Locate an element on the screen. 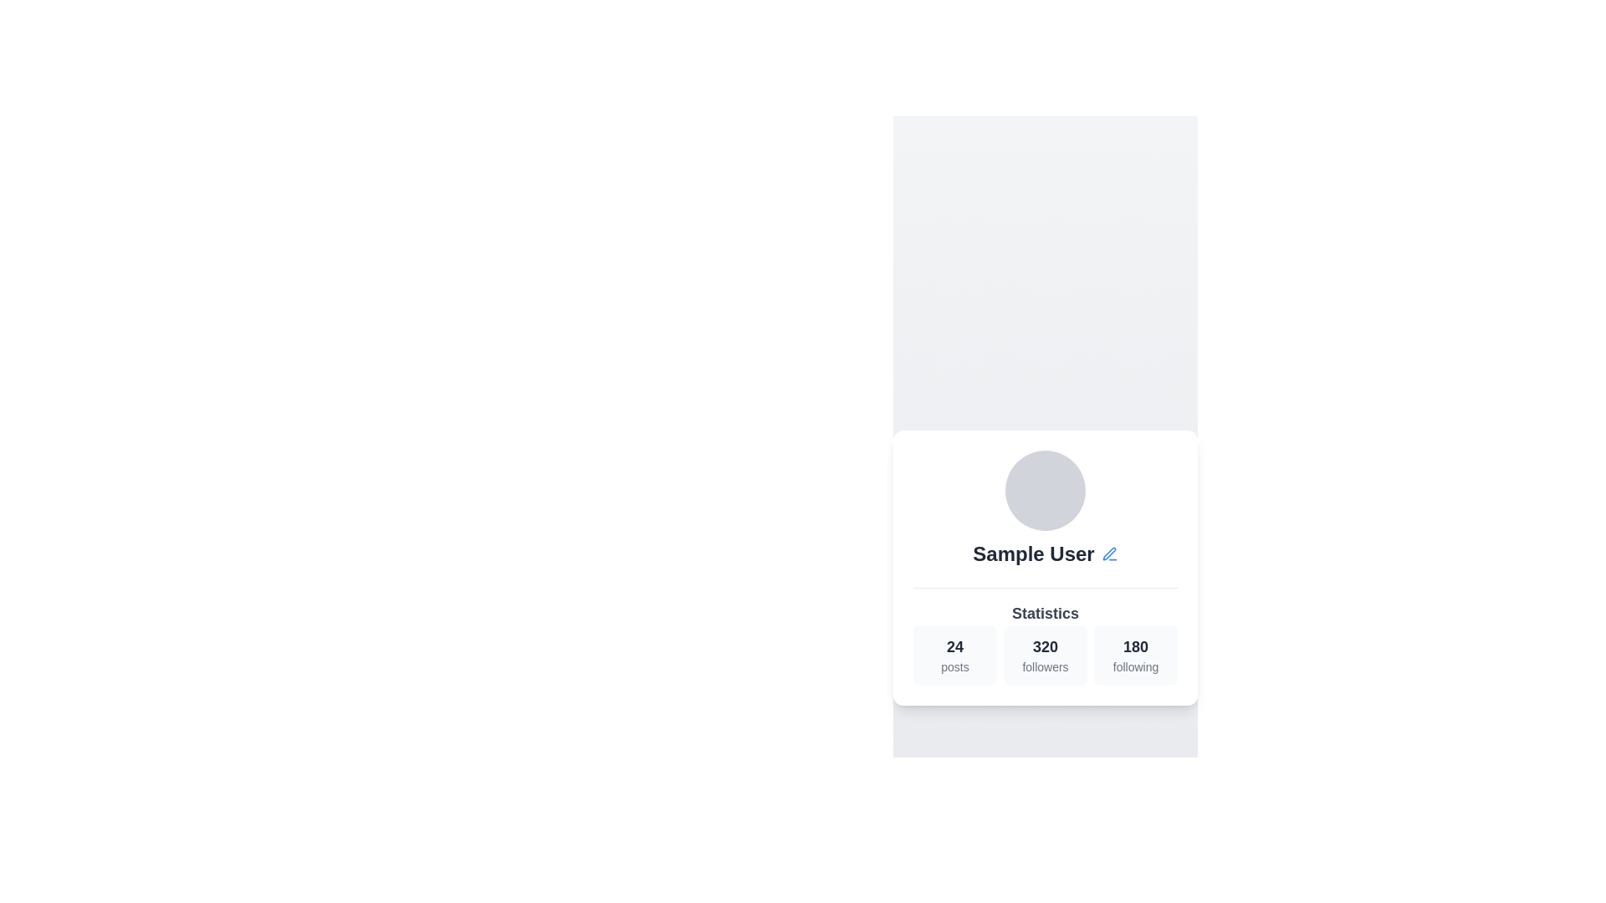 The height and width of the screenshot is (903, 1606). the static text label displaying 'followers', which is centrally aligned below the bold number '320' in the user metrics summary card is located at coordinates (1044, 666).